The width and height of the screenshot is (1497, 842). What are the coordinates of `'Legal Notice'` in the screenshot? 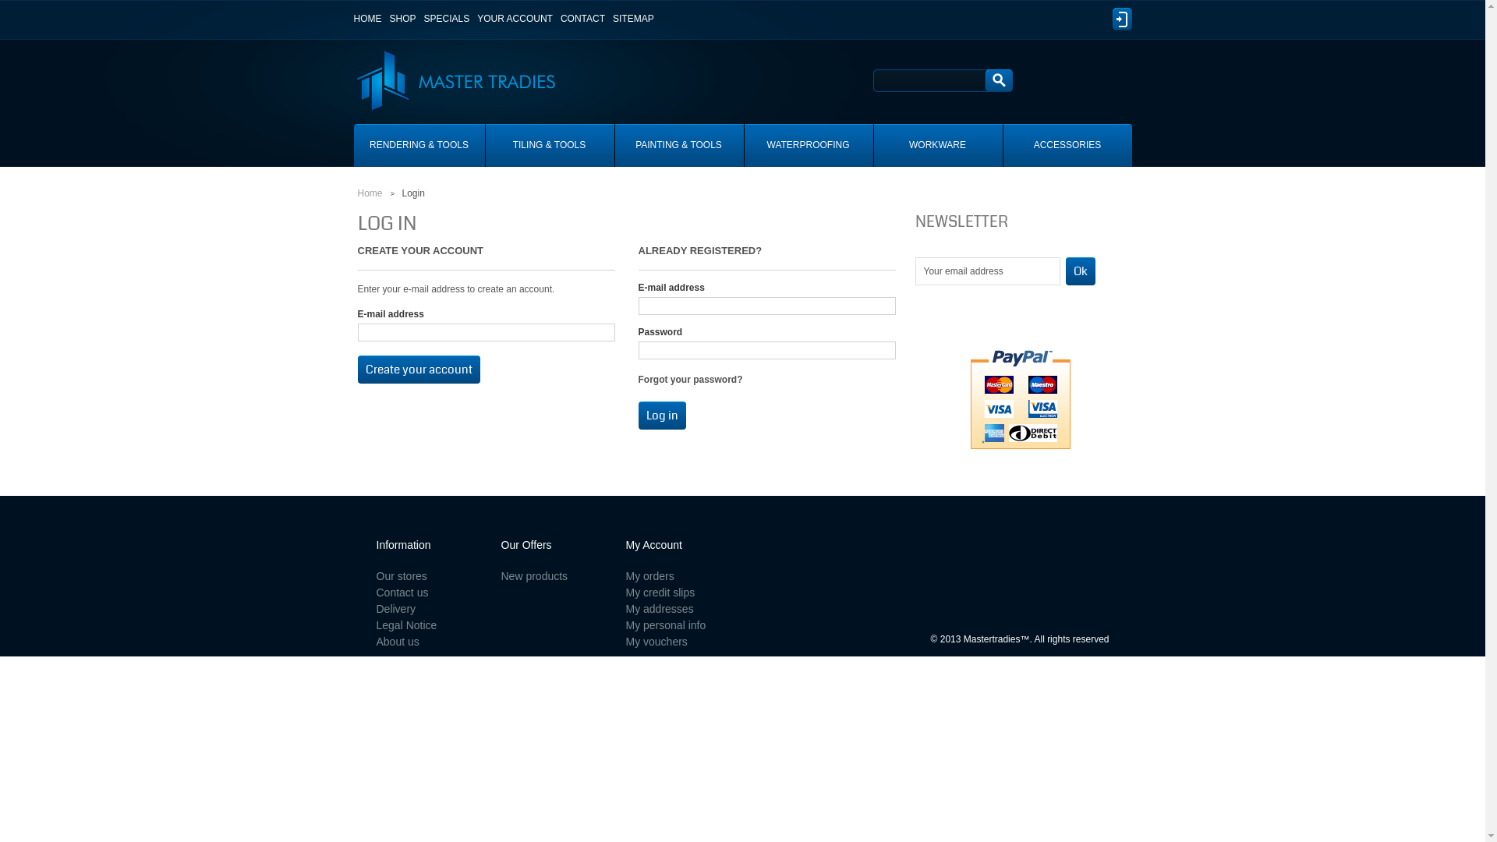 It's located at (406, 624).